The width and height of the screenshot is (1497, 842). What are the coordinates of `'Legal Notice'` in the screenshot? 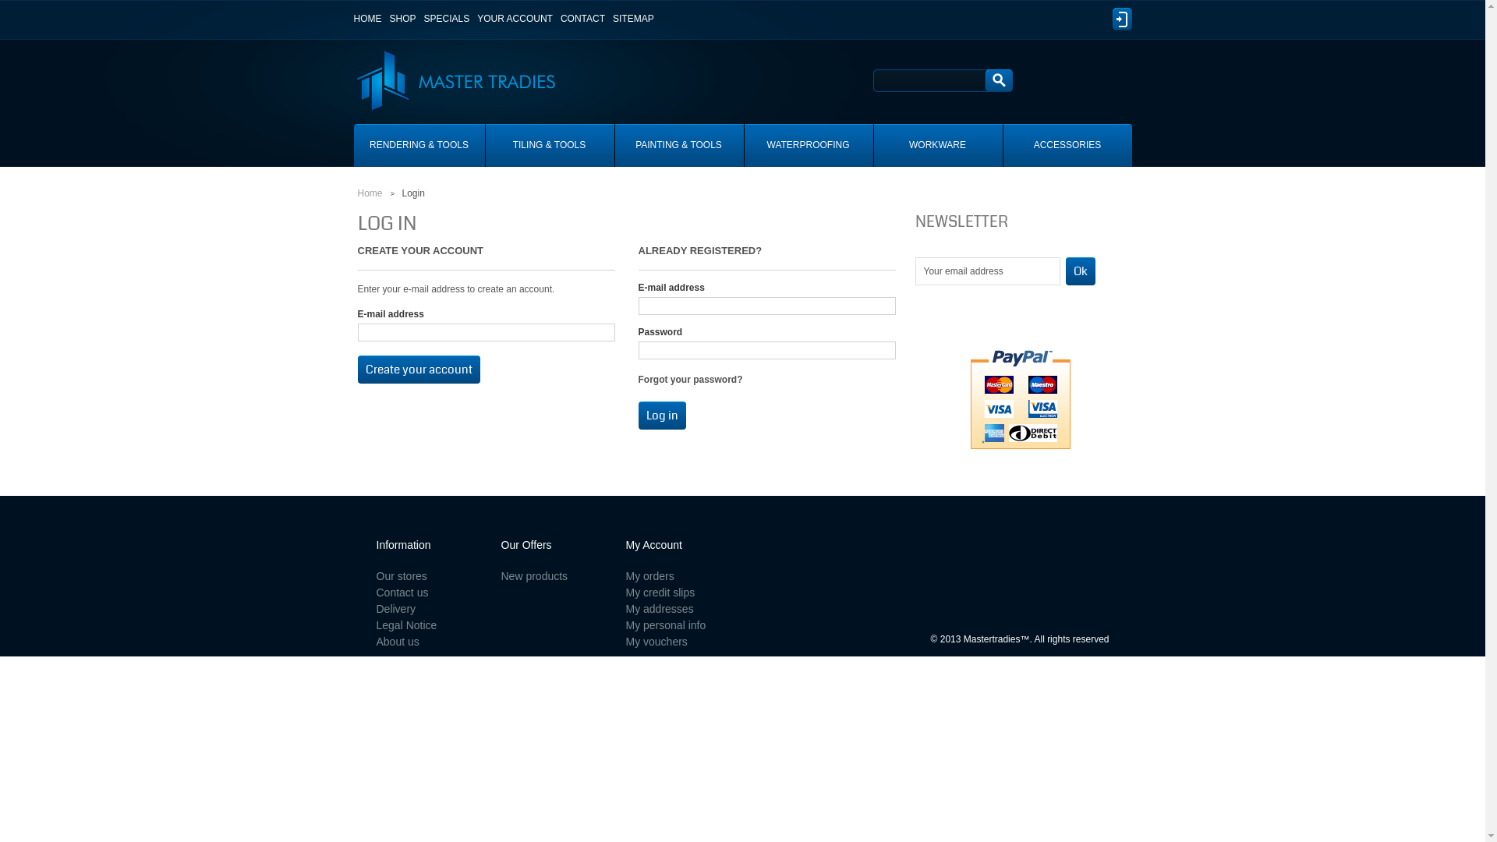 It's located at (406, 624).